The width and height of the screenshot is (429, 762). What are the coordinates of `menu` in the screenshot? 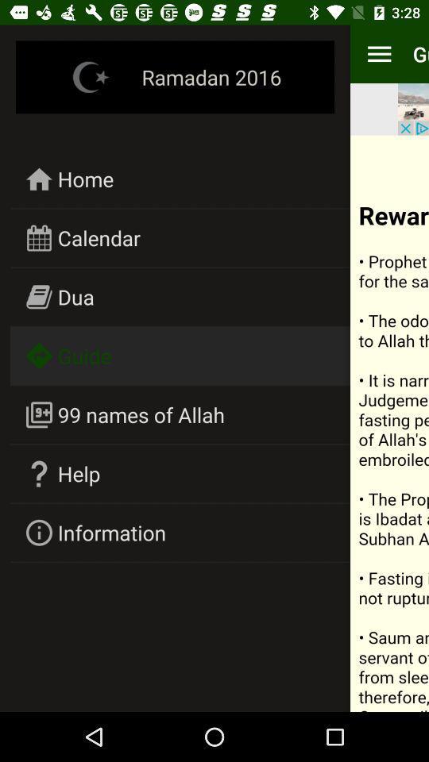 It's located at (388, 422).